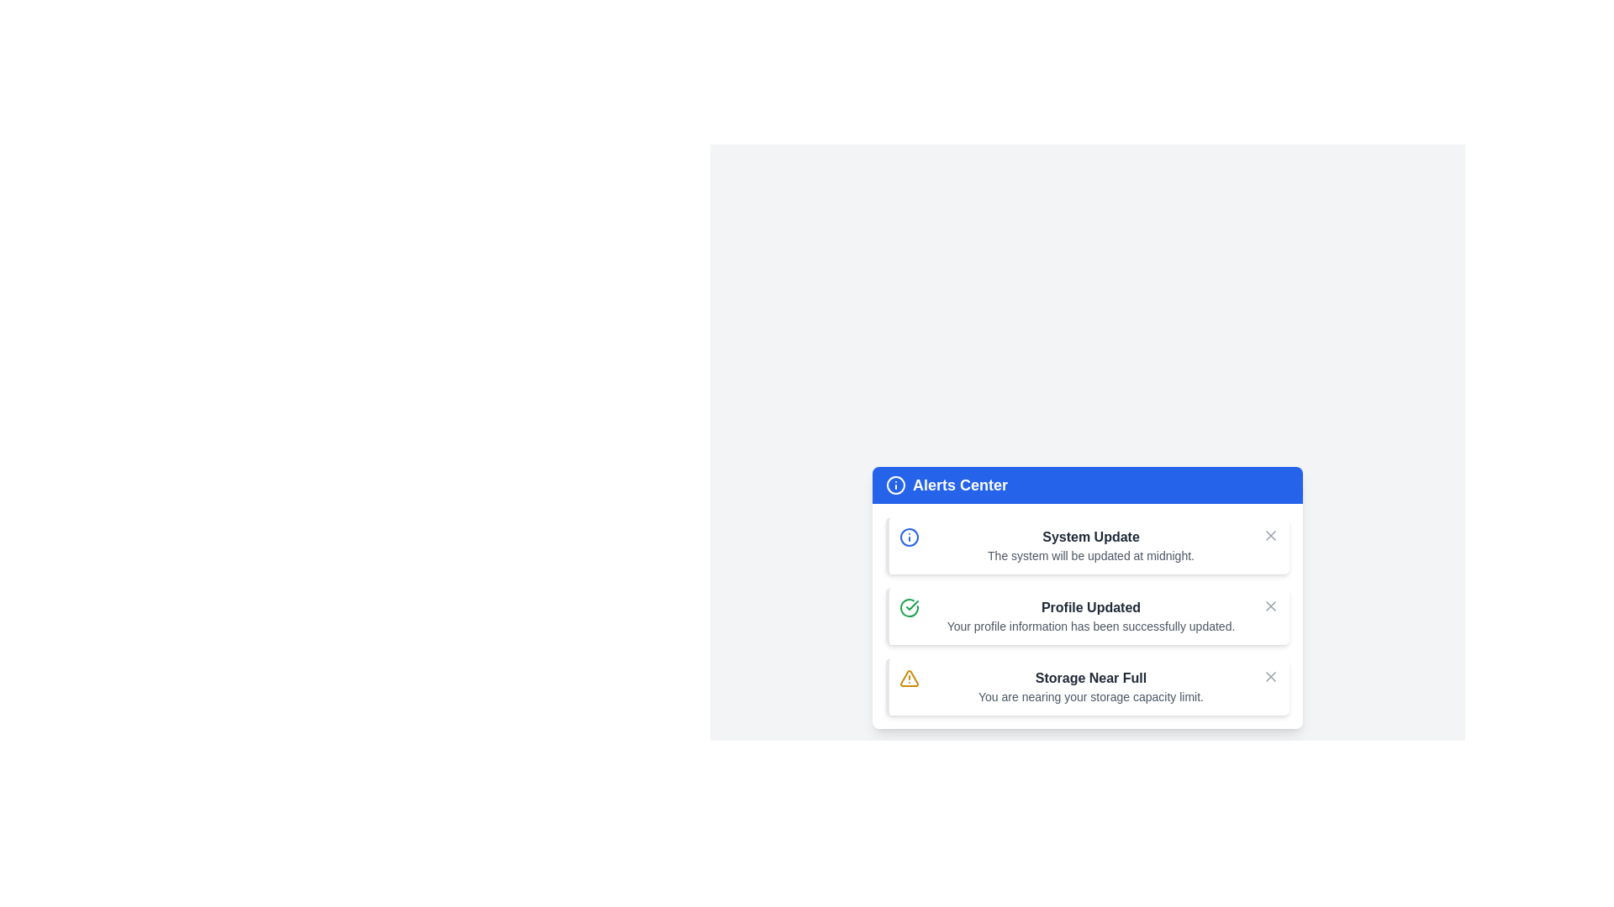  Describe the element at coordinates (1090, 616) in the screenshot. I see `confirmation message displayed in the Notification text under 'Alerts Center', which indicates the successful update of profile information` at that location.